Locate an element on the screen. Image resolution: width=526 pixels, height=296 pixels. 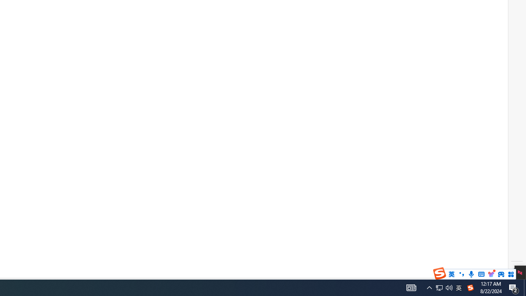
'Q2790: 100%' is located at coordinates (449, 287).